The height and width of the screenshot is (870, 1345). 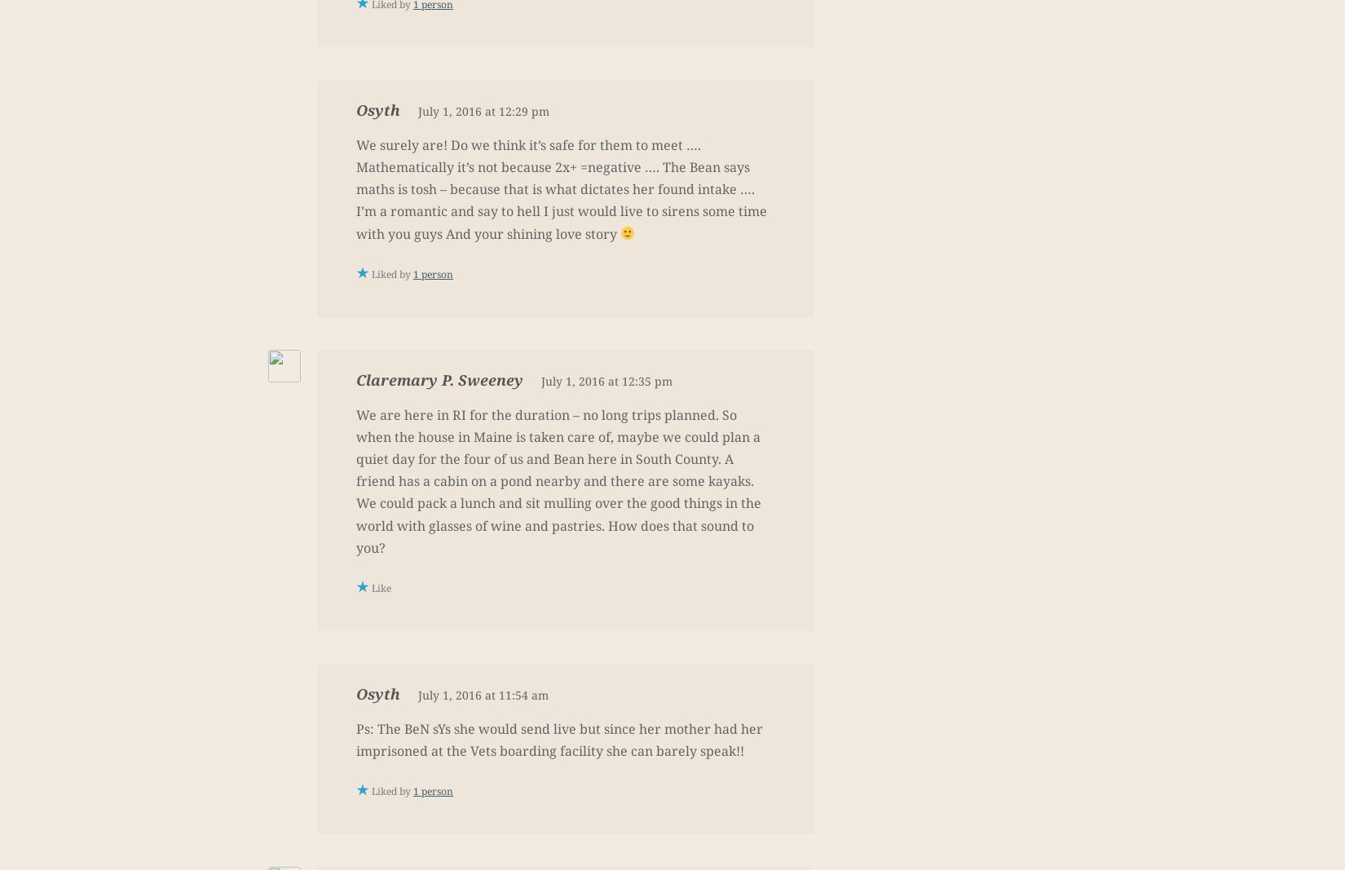 I want to click on 'We surely are!  Do we think it’s safe for them to meet …. Mathematically it’s not because 2x+ =negative …. The Bean says maths is tosh – because that is what dictates her found intake …. I’m a romantic and say to hell I just would live to sirens some time with you guys And your shining love story', so click(x=561, y=188).